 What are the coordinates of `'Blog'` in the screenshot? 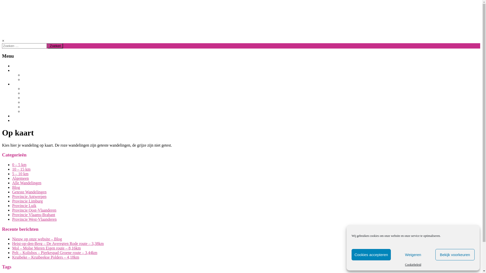 It's located at (16, 187).